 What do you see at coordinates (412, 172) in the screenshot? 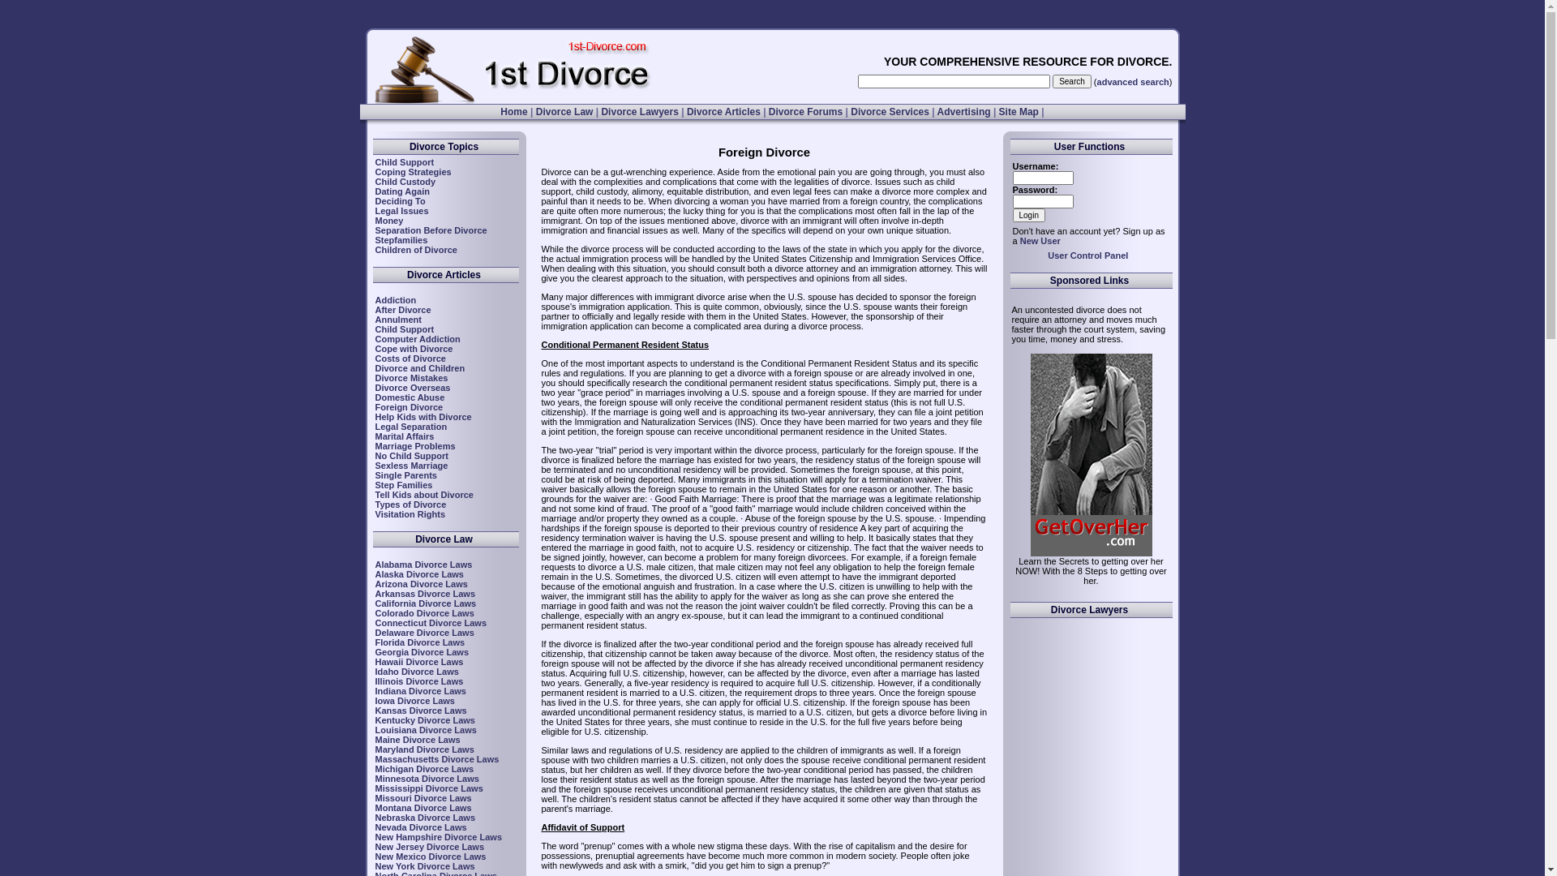
I see `'Coping Strategies'` at bounding box center [412, 172].